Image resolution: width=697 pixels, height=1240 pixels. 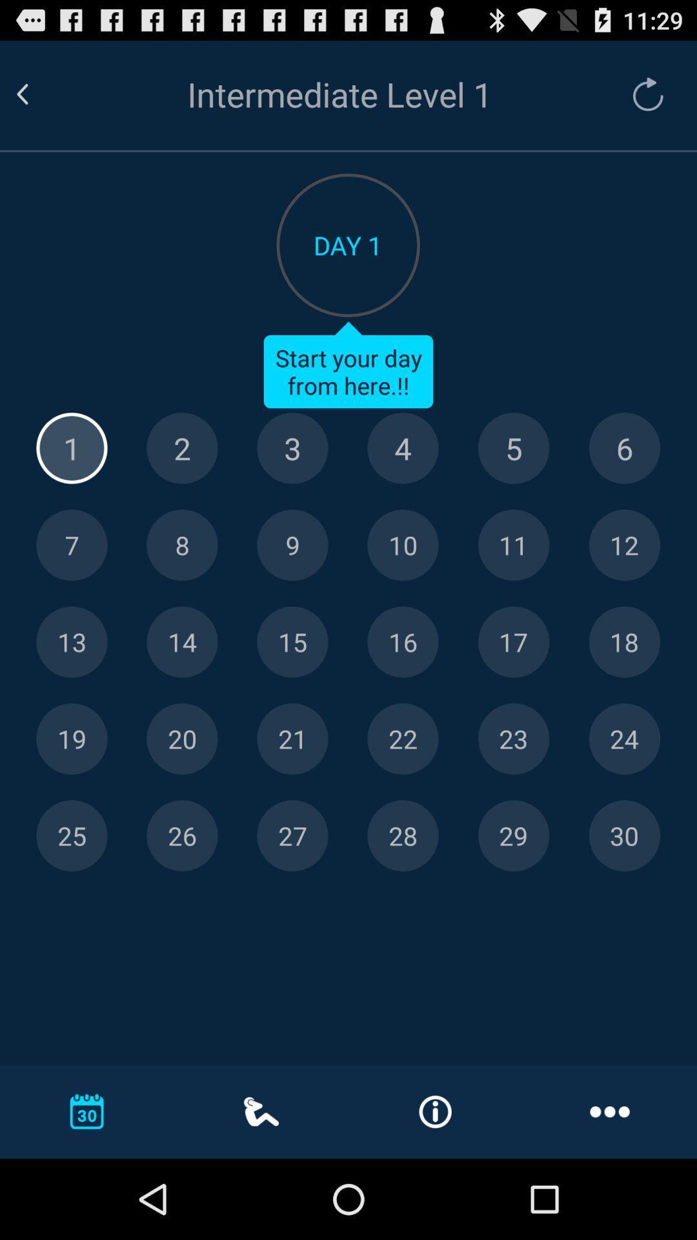 I want to click on day 26, so click(x=182, y=836).